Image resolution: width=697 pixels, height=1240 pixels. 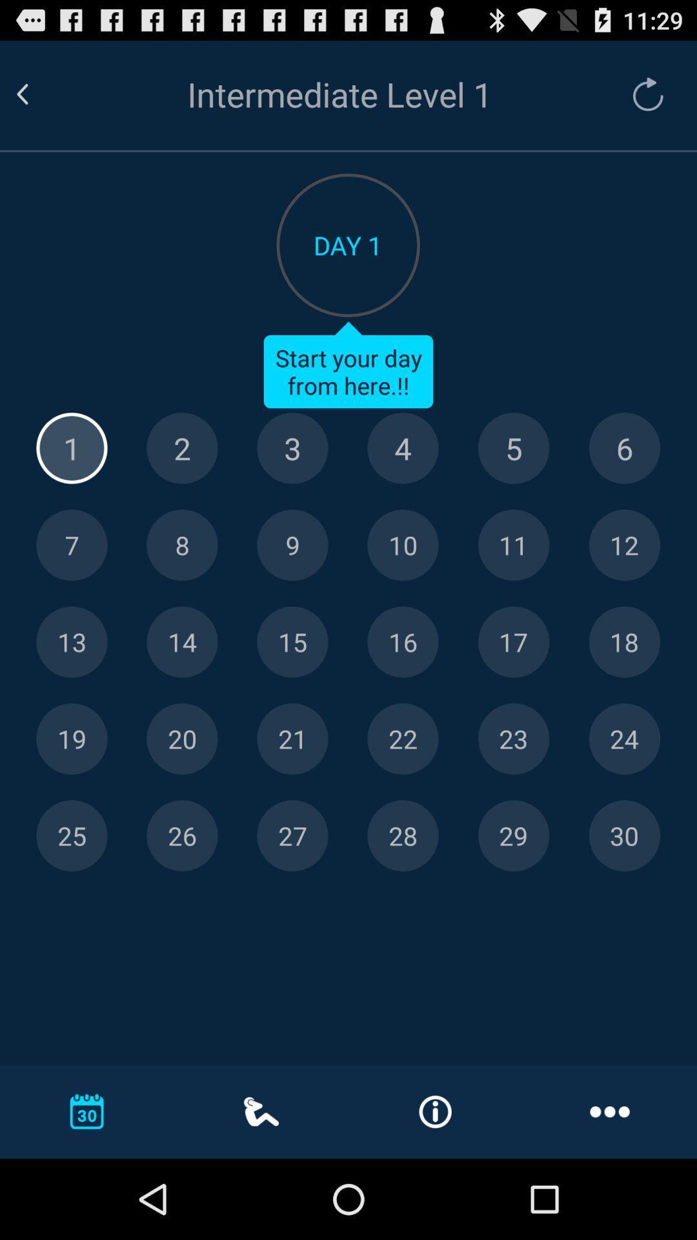 I want to click on day 26, so click(x=182, y=836).